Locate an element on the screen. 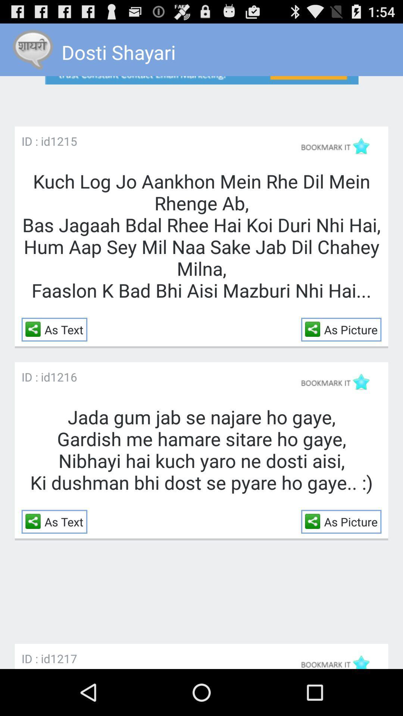 Image resolution: width=403 pixels, height=716 pixels. bookmark this post is located at coordinates (338, 146).